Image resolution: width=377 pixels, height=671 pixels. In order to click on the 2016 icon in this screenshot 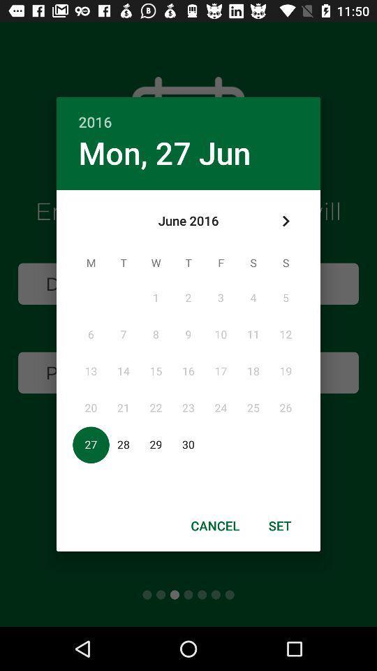, I will do `click(188, 113)`.